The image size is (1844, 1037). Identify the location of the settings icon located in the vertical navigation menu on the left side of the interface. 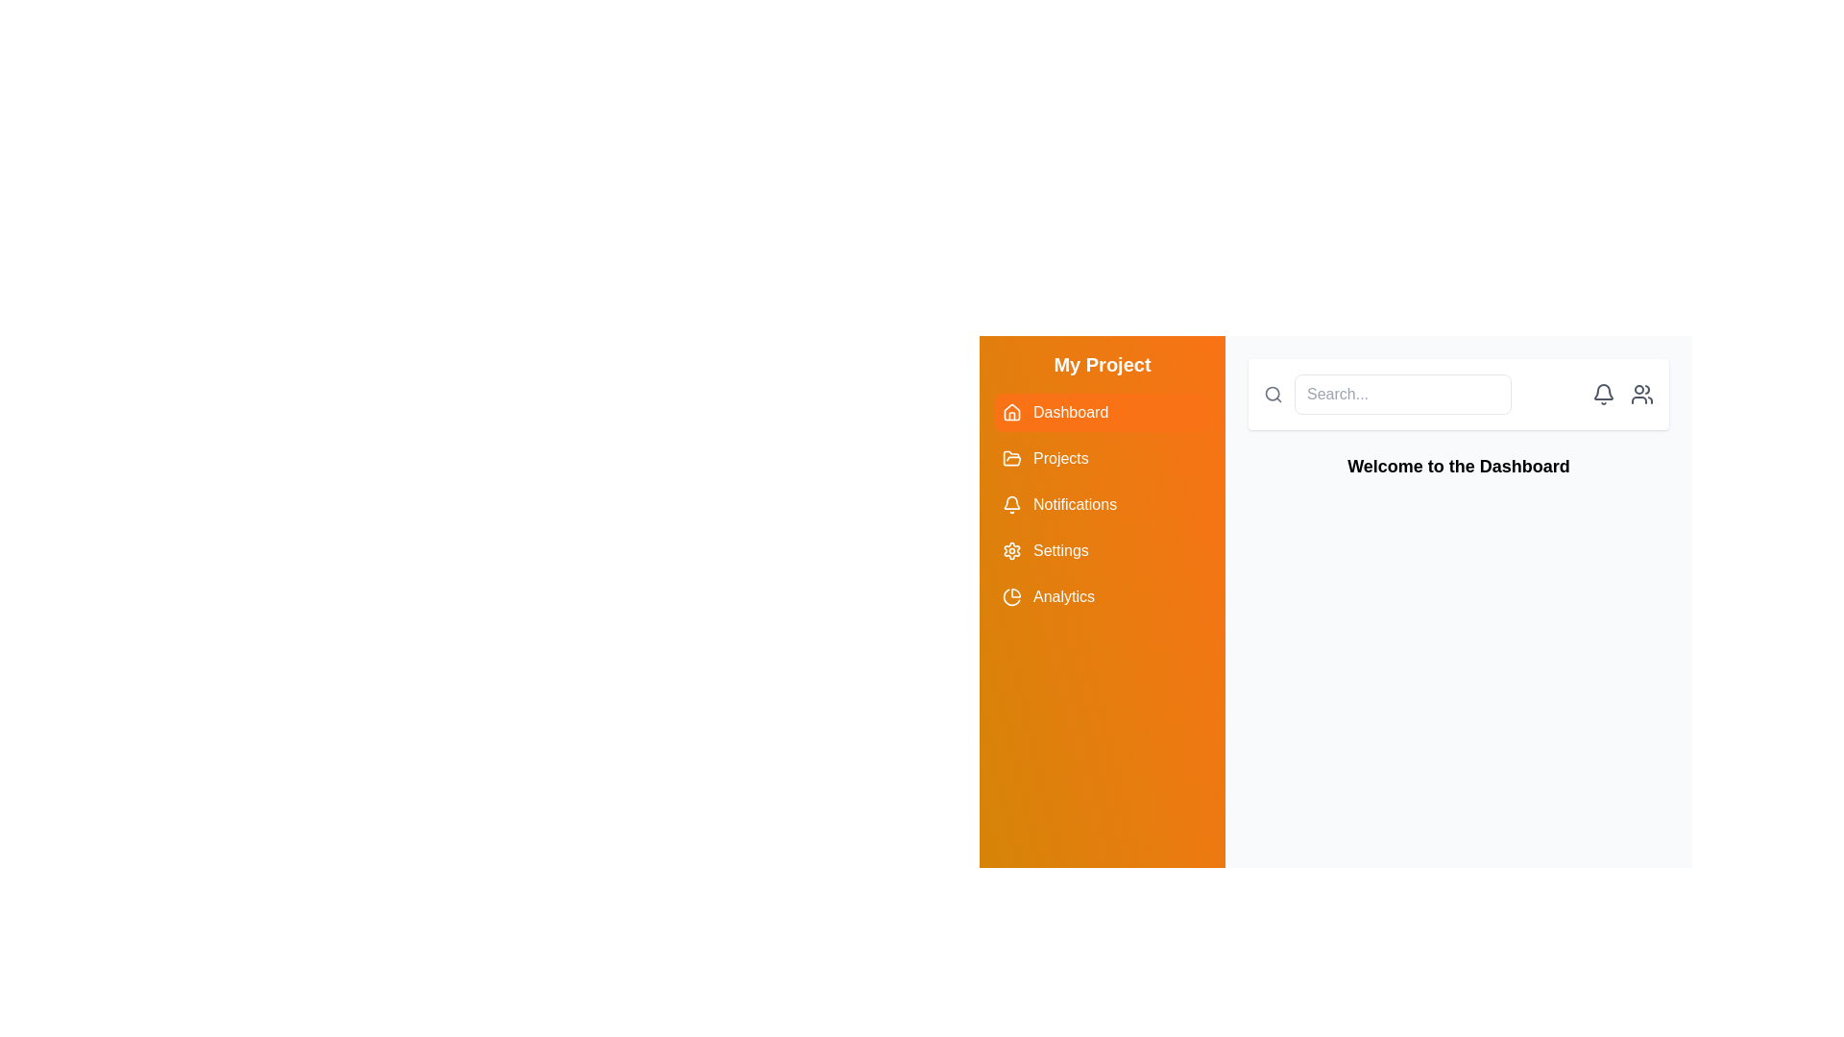
(1011, 551).